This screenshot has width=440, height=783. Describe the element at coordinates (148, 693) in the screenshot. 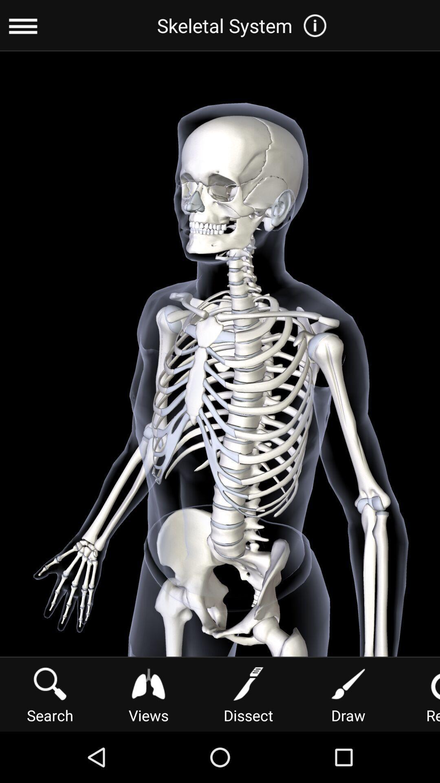

I see `icon to the left of dissect item` at that location.